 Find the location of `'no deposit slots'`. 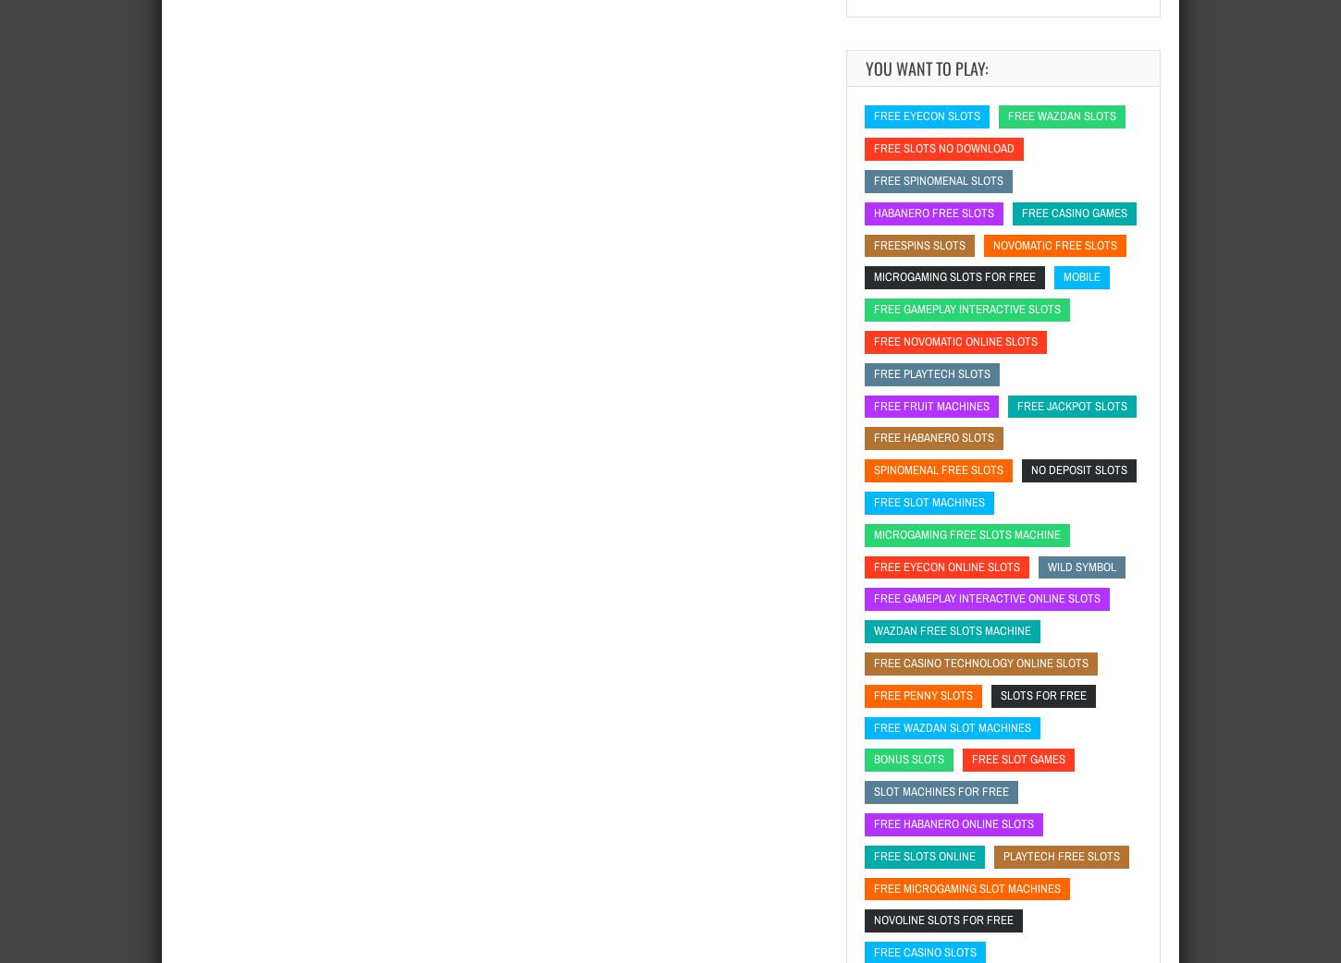

'no deposit slots' is located at coordinates (1077, 469).